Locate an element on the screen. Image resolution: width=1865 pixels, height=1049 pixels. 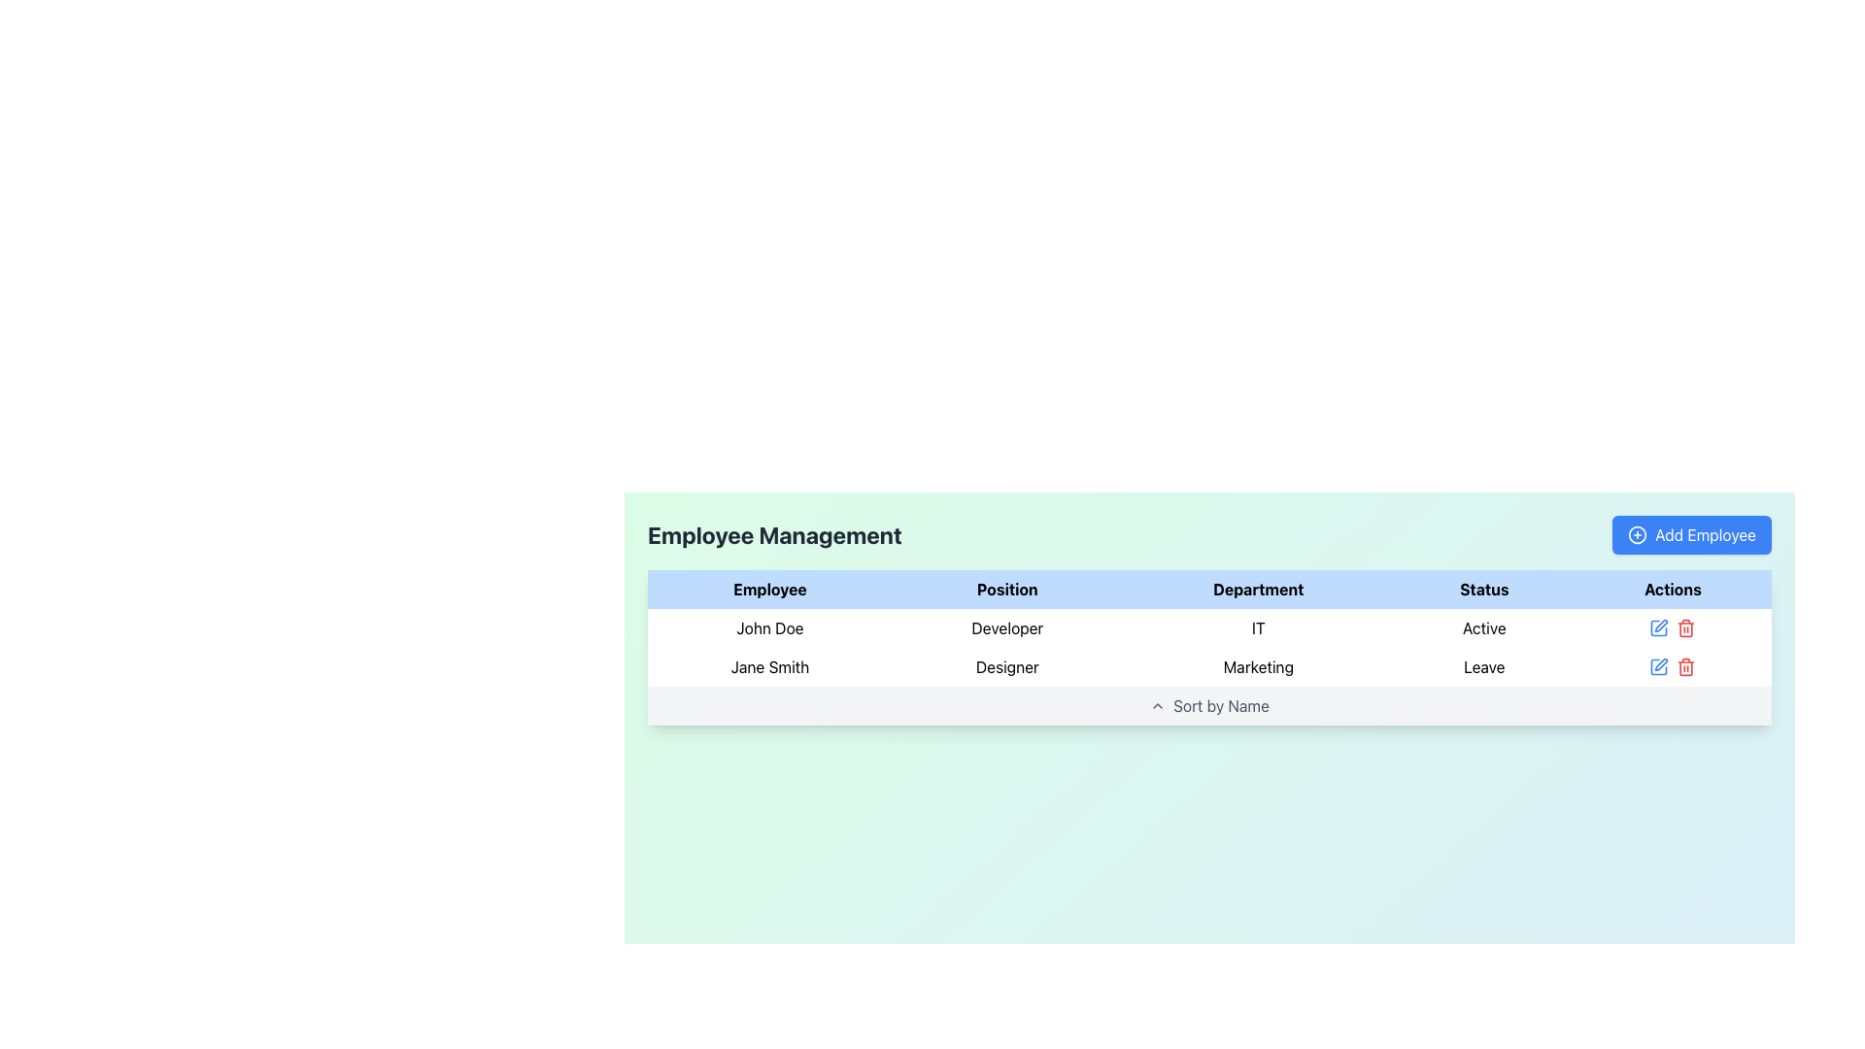
the 'Department' column header label in the table, which is the third column header located between the 'Position' and 'Status' headers is located at coordinates (1258, 588).